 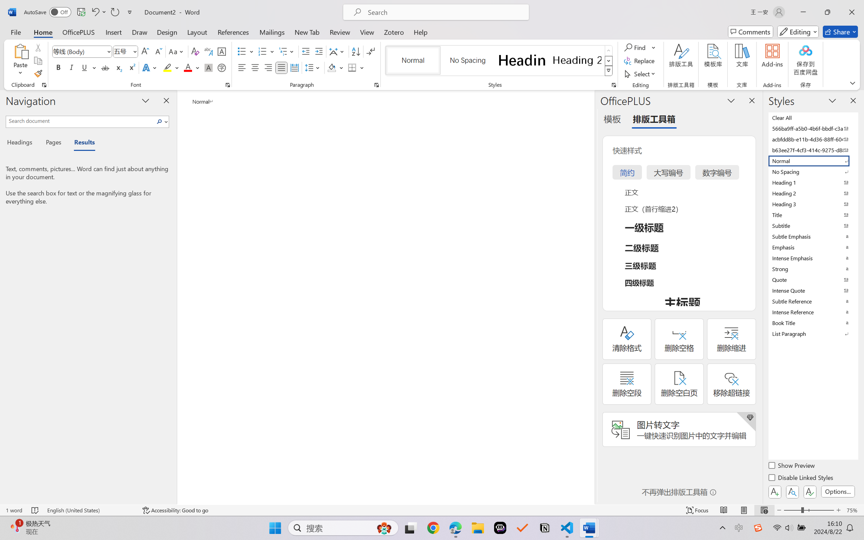 What do you see at coordinates (15, 527) in the screenshot?
I see `'AutomationID: BadgeAnchorLargeTicker'` at bounding box center [15, 527].